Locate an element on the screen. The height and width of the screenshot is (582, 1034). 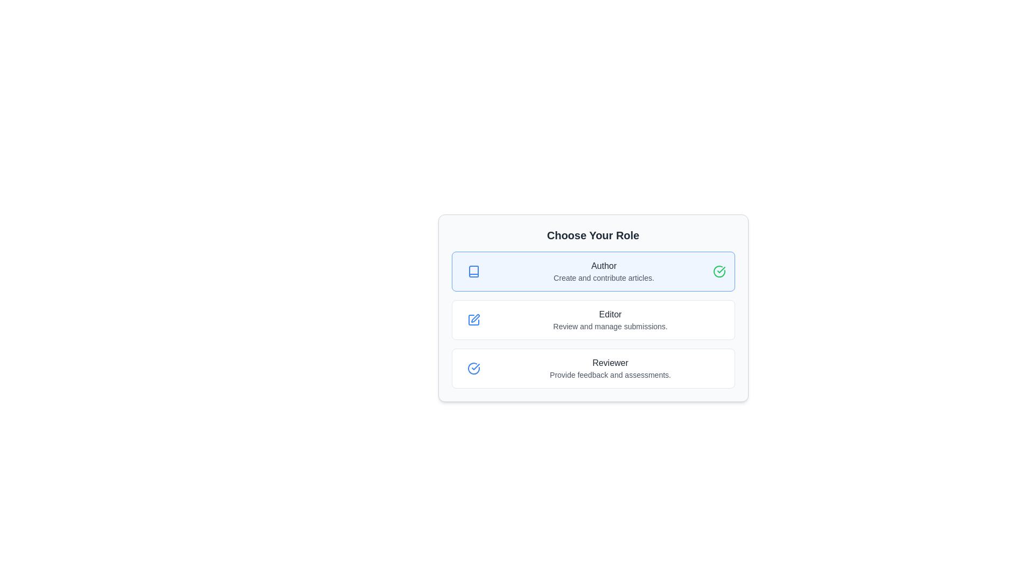
the pen icon located in the center of the circular button within the 'Editor' option in the 'Choose Your Role' section is located at coordinates (473, 320).